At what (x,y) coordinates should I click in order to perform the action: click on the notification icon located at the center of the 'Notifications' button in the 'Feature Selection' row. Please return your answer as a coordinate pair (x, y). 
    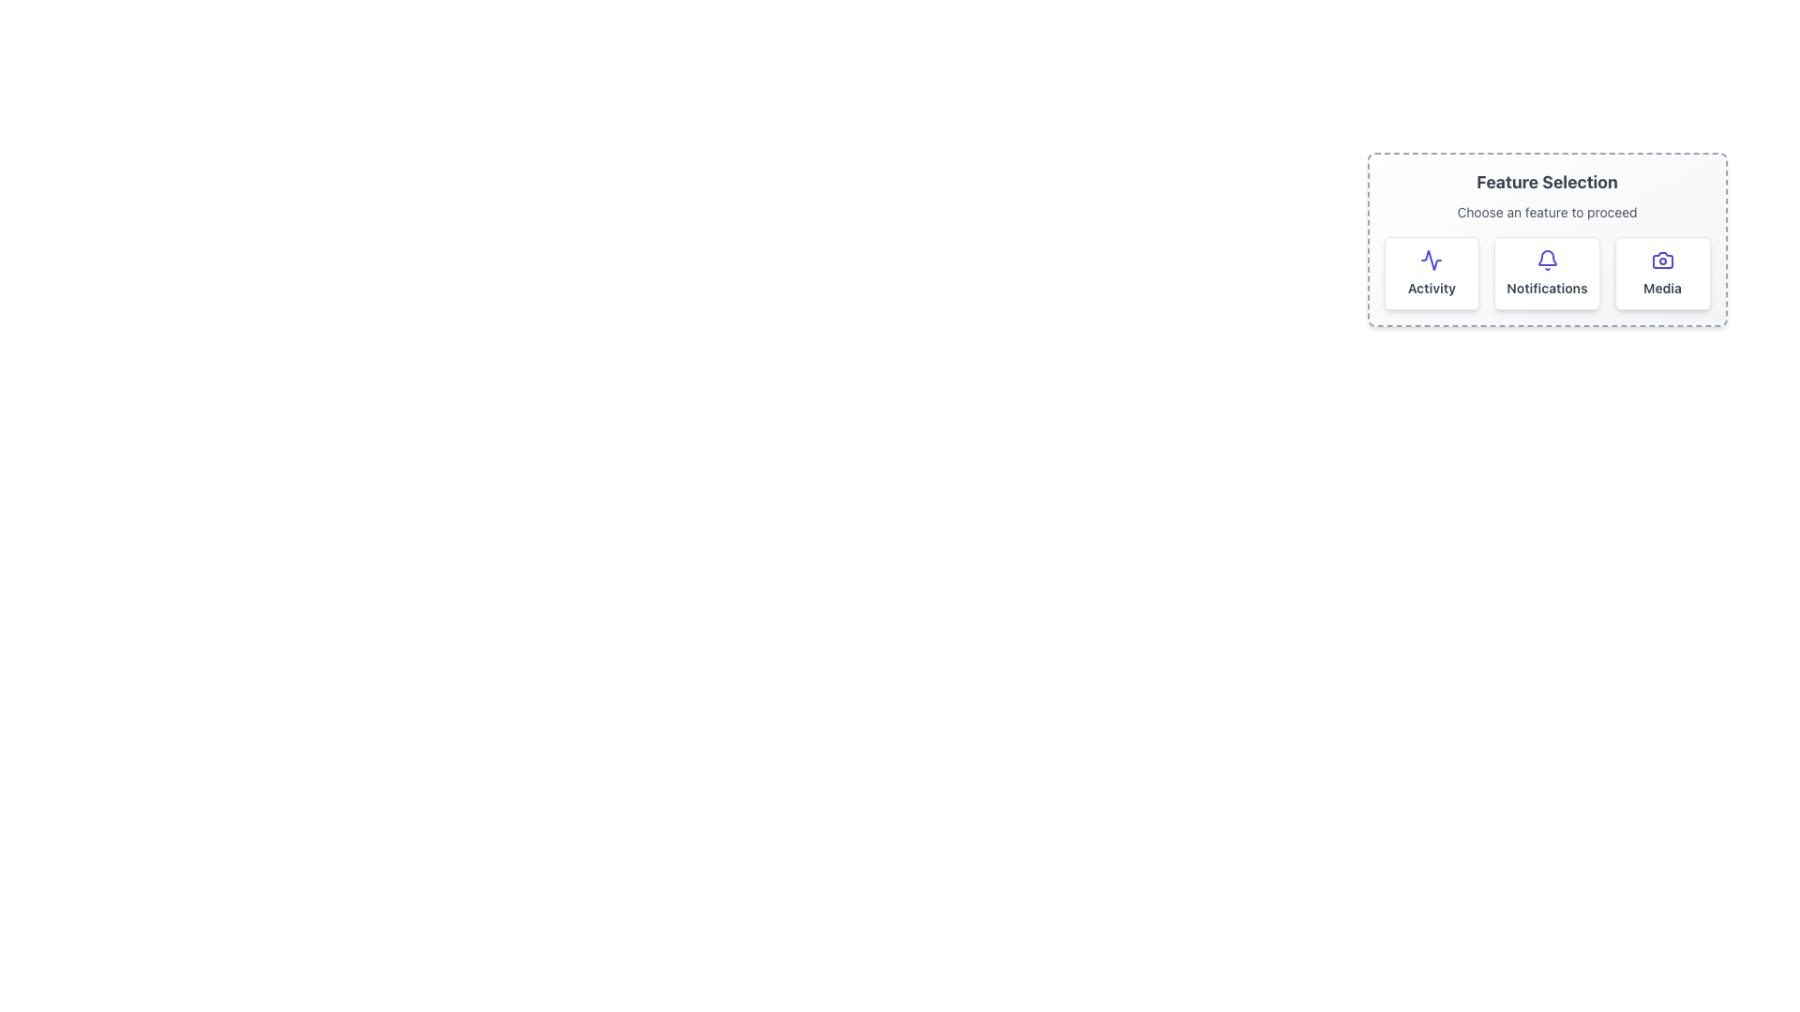
    Looking at the image, I should click on (1547, 260).